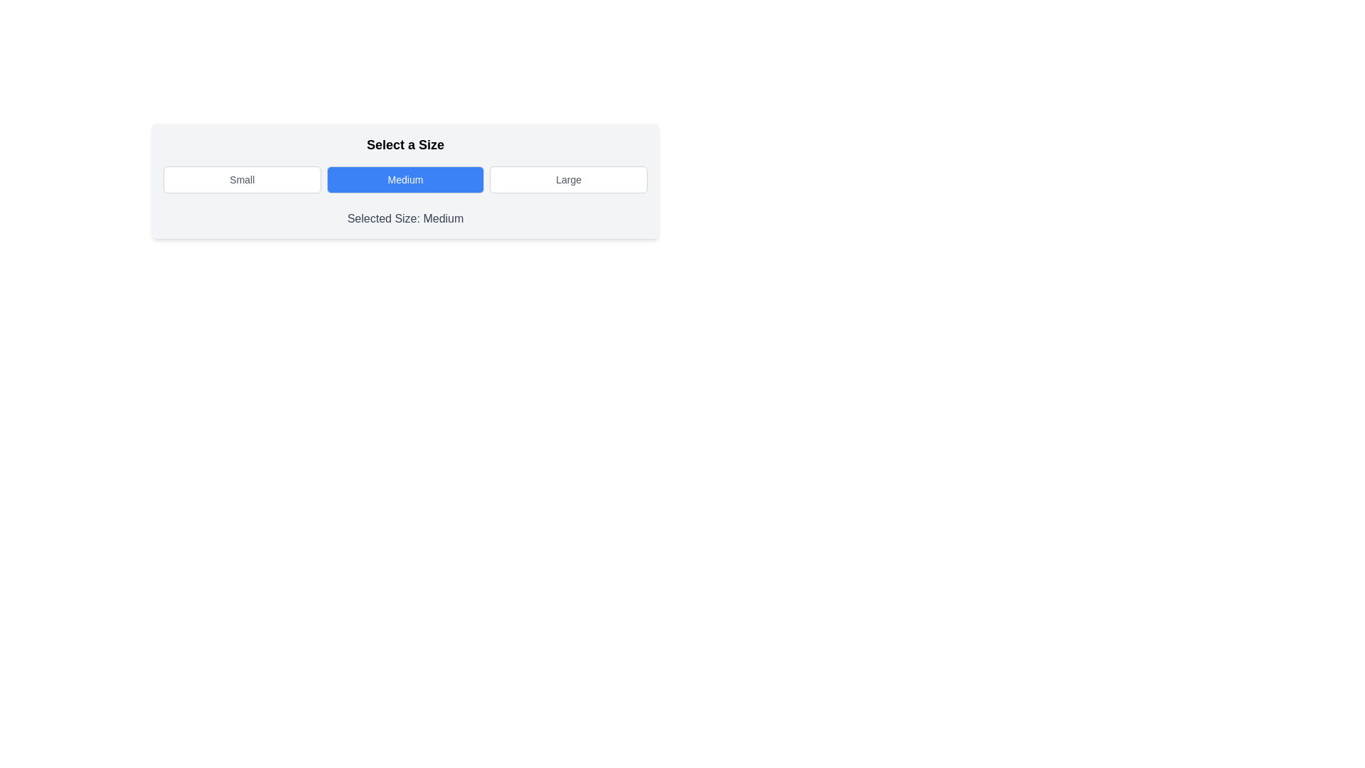  I want to click on the 'Large' button, which is a rectangular button with rounded corners, white background, gray text and a gray border, positioned to the right of the 'Medium' button, so click(569, 179).